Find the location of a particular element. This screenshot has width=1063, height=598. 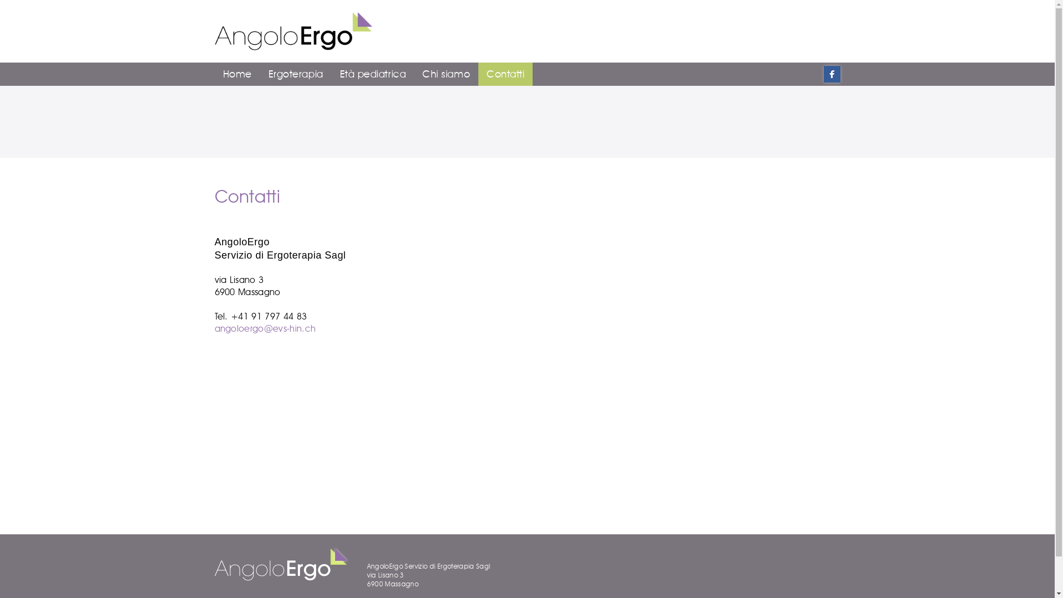

'Seguici anche su Facebook' is located at coordinates (824, 74).